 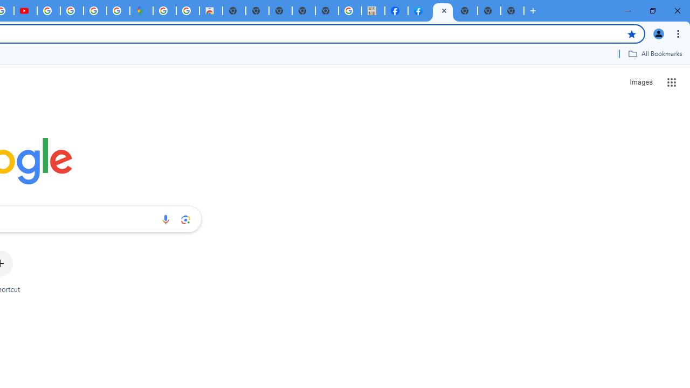 I want to click on 'Search by image', so click(x=185, y=219).